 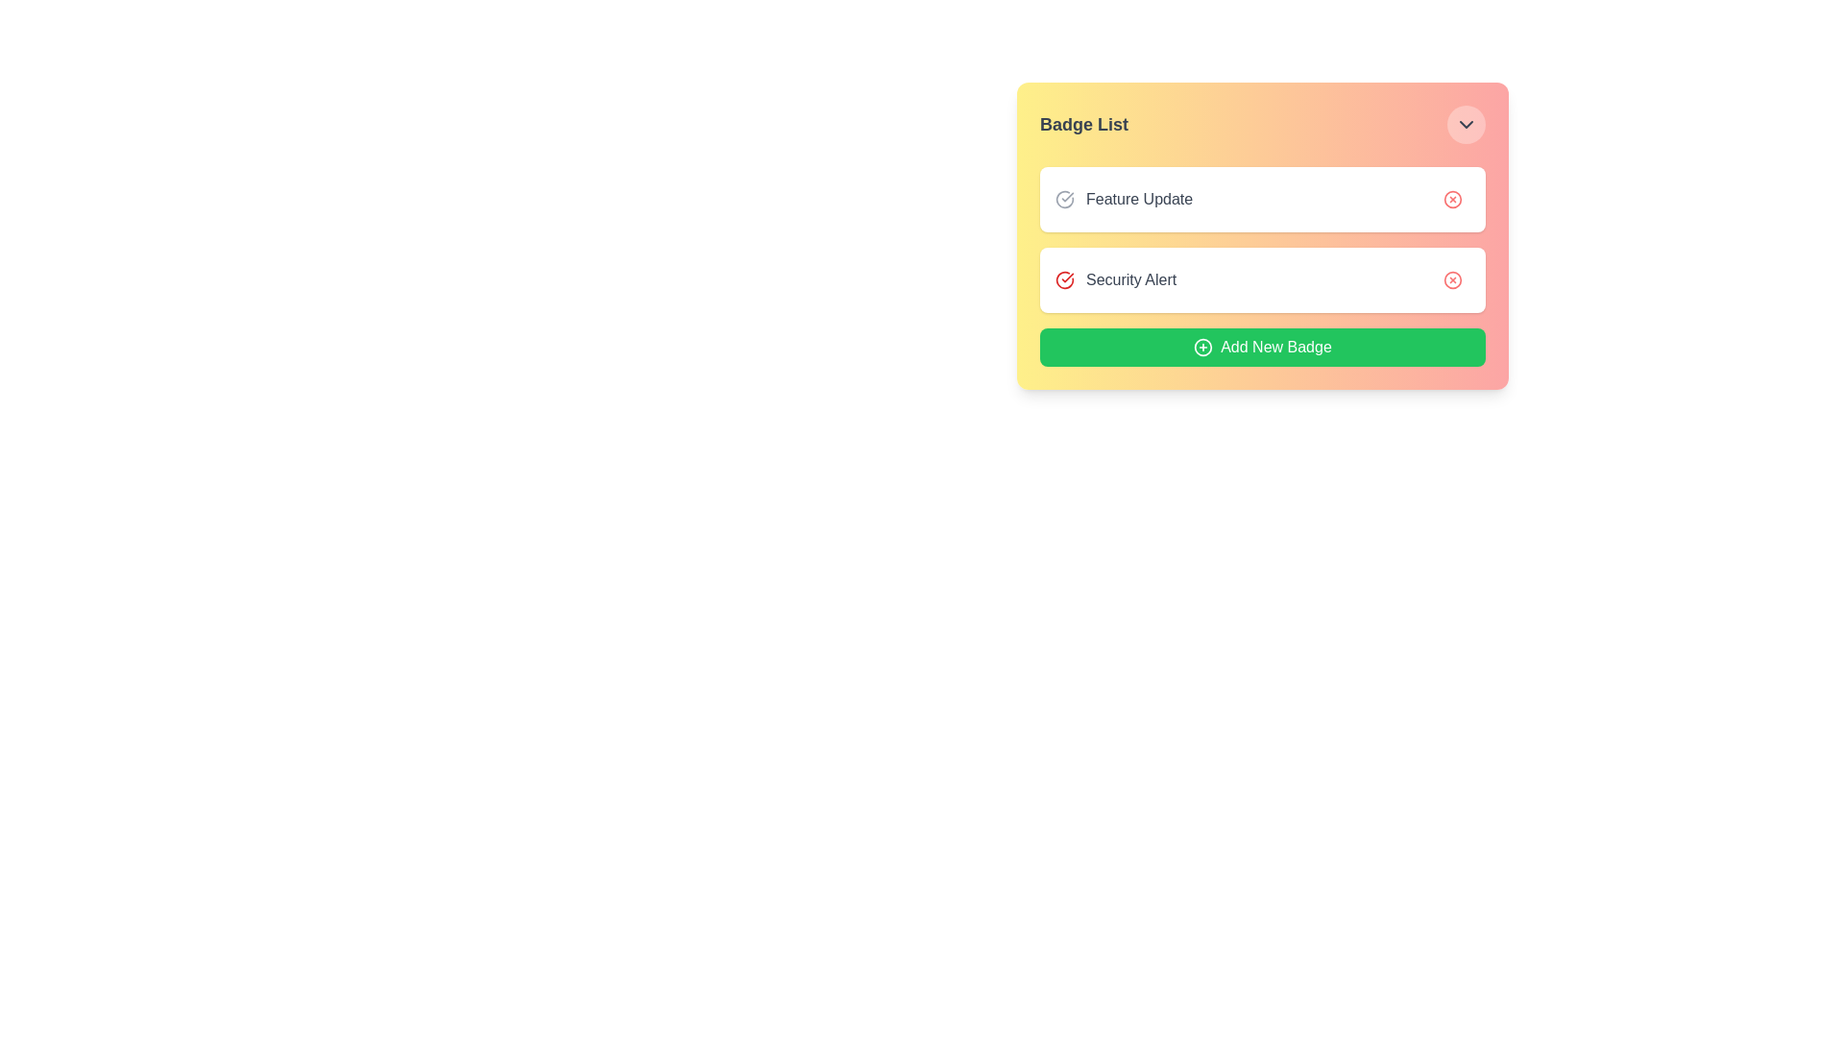 What do you see at coordinates (1465, 125) in the screenshot?
I see `the downward-pointing gray chevron icon within the circular button located at the top-right corner of the badge list card` at bounding box center [1465, 125].